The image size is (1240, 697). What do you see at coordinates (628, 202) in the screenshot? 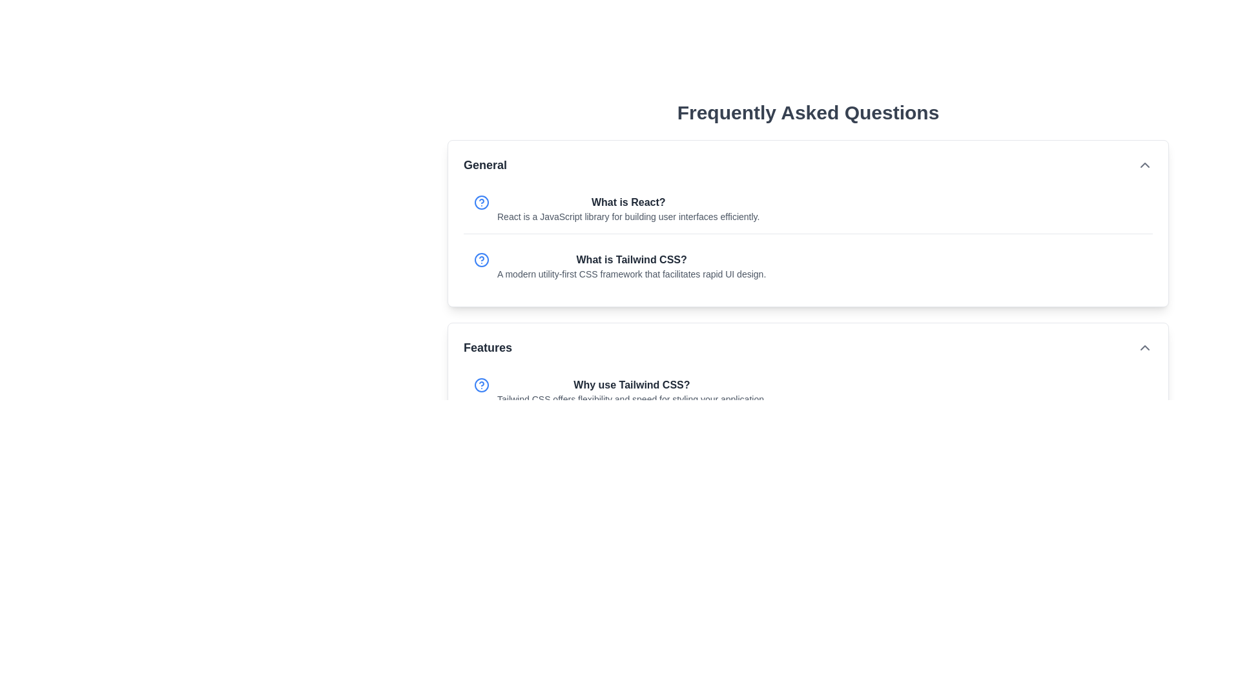
I see `the Text header element located in the FAQ section under 'General'` at bounding box center [628, 202].